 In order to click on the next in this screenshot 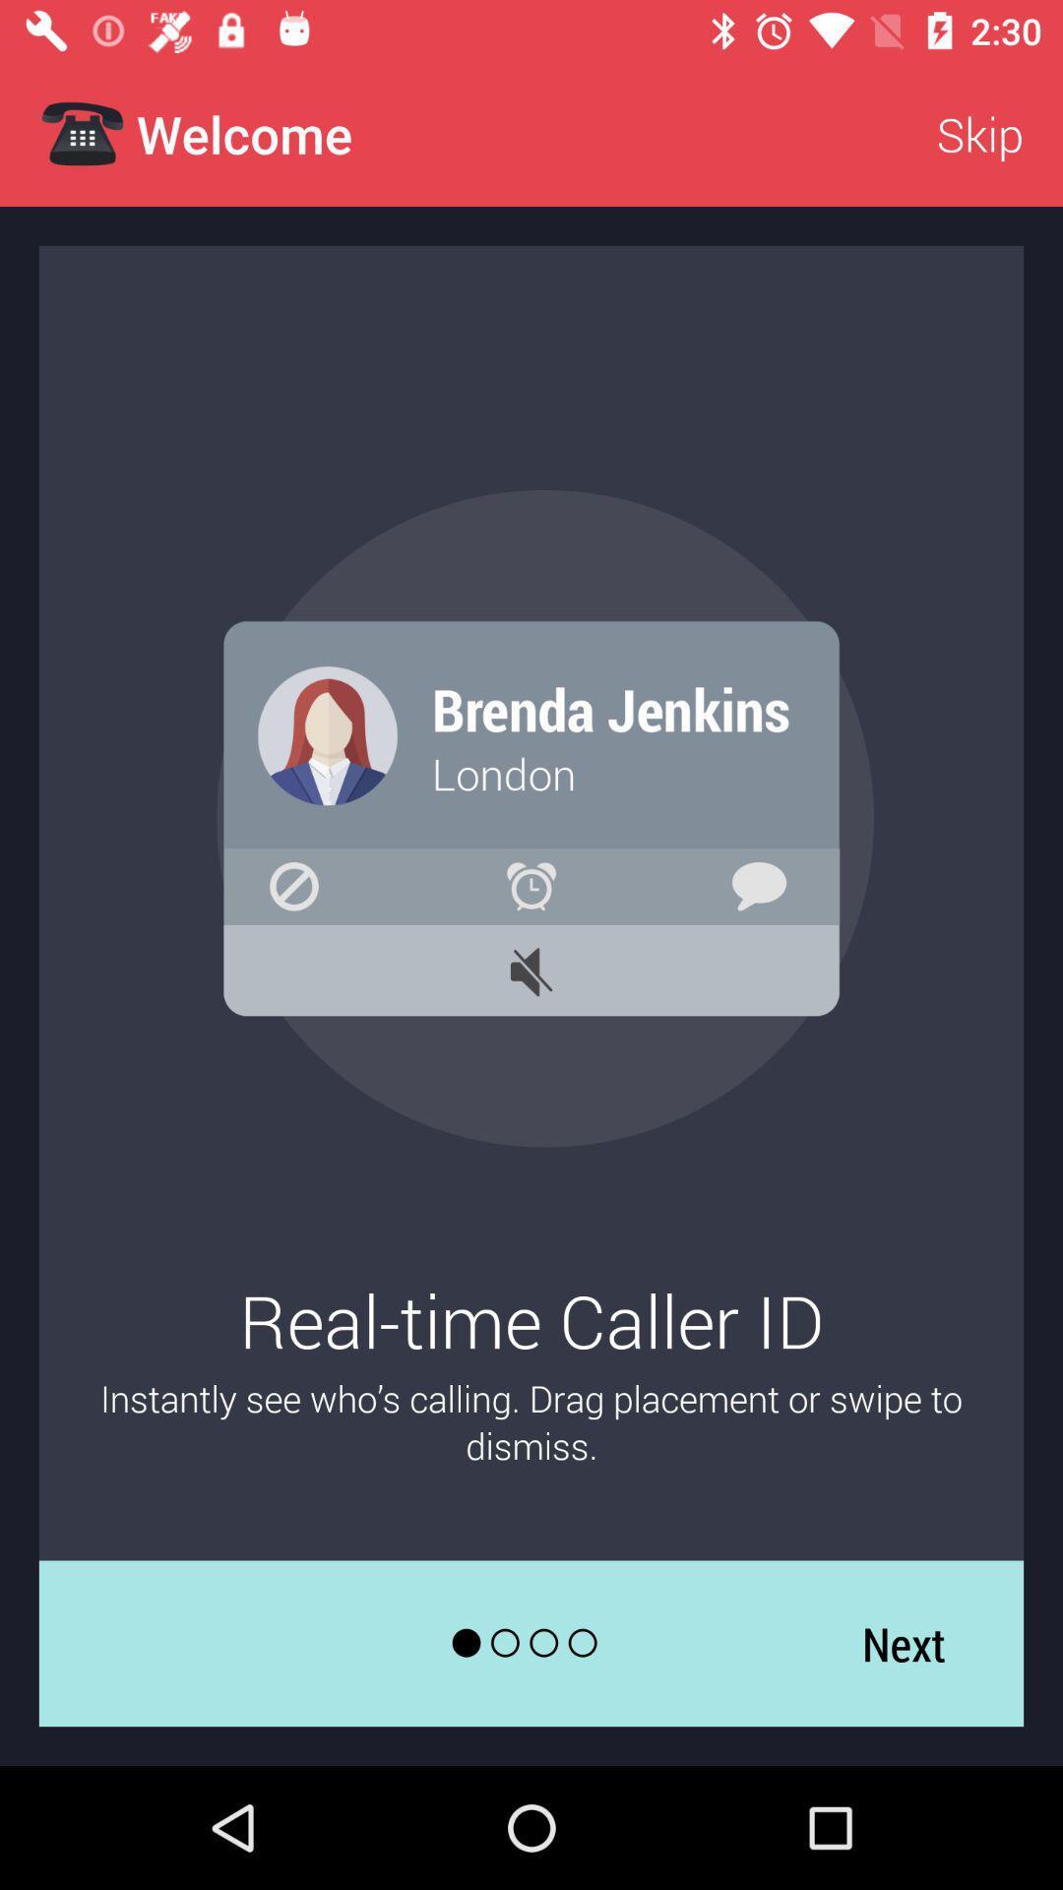, I will do `click(904, 1643)`.